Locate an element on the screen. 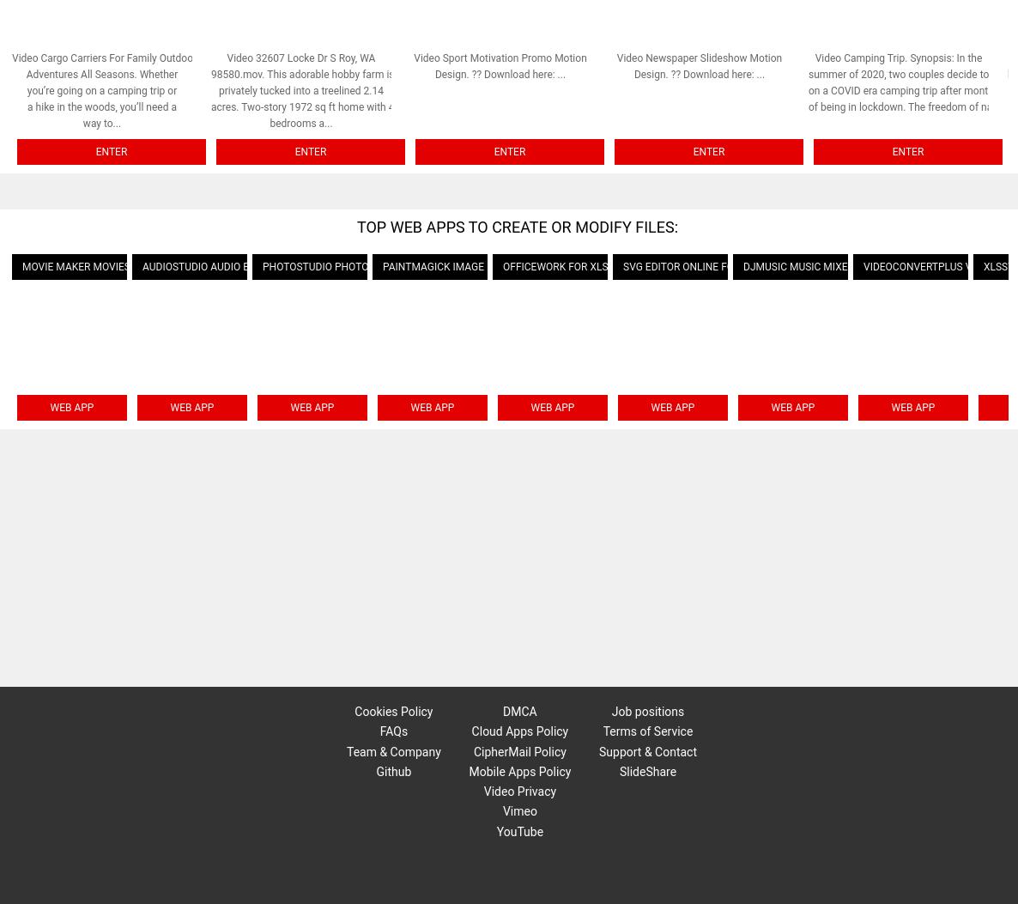 Image resolution: width=1018 pixels, height=904 pixels. 'Video 32607 Locke Dr S Roy, WA' is located at coordinates (300, 56).